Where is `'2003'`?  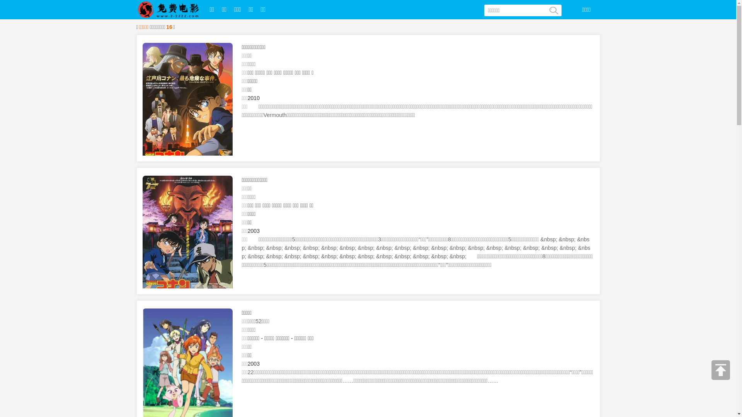 '2003' is located at coordinates (248, 230).